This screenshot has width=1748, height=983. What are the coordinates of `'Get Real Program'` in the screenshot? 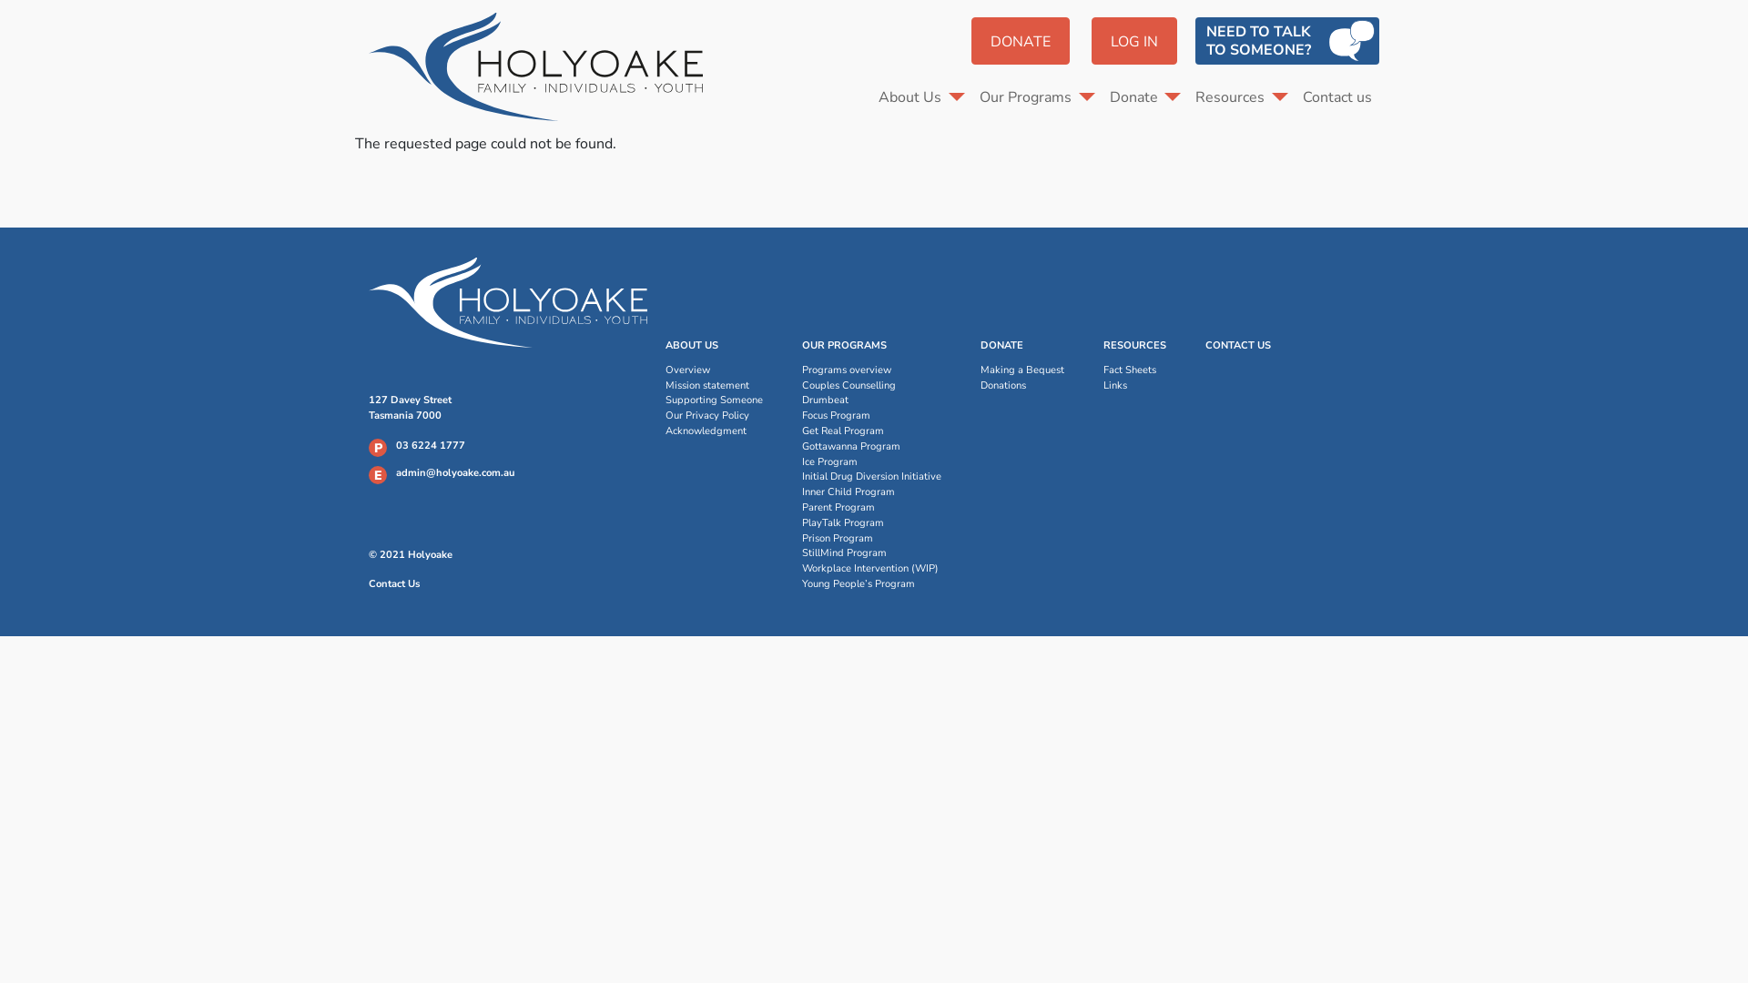 It's located at (801, 431).